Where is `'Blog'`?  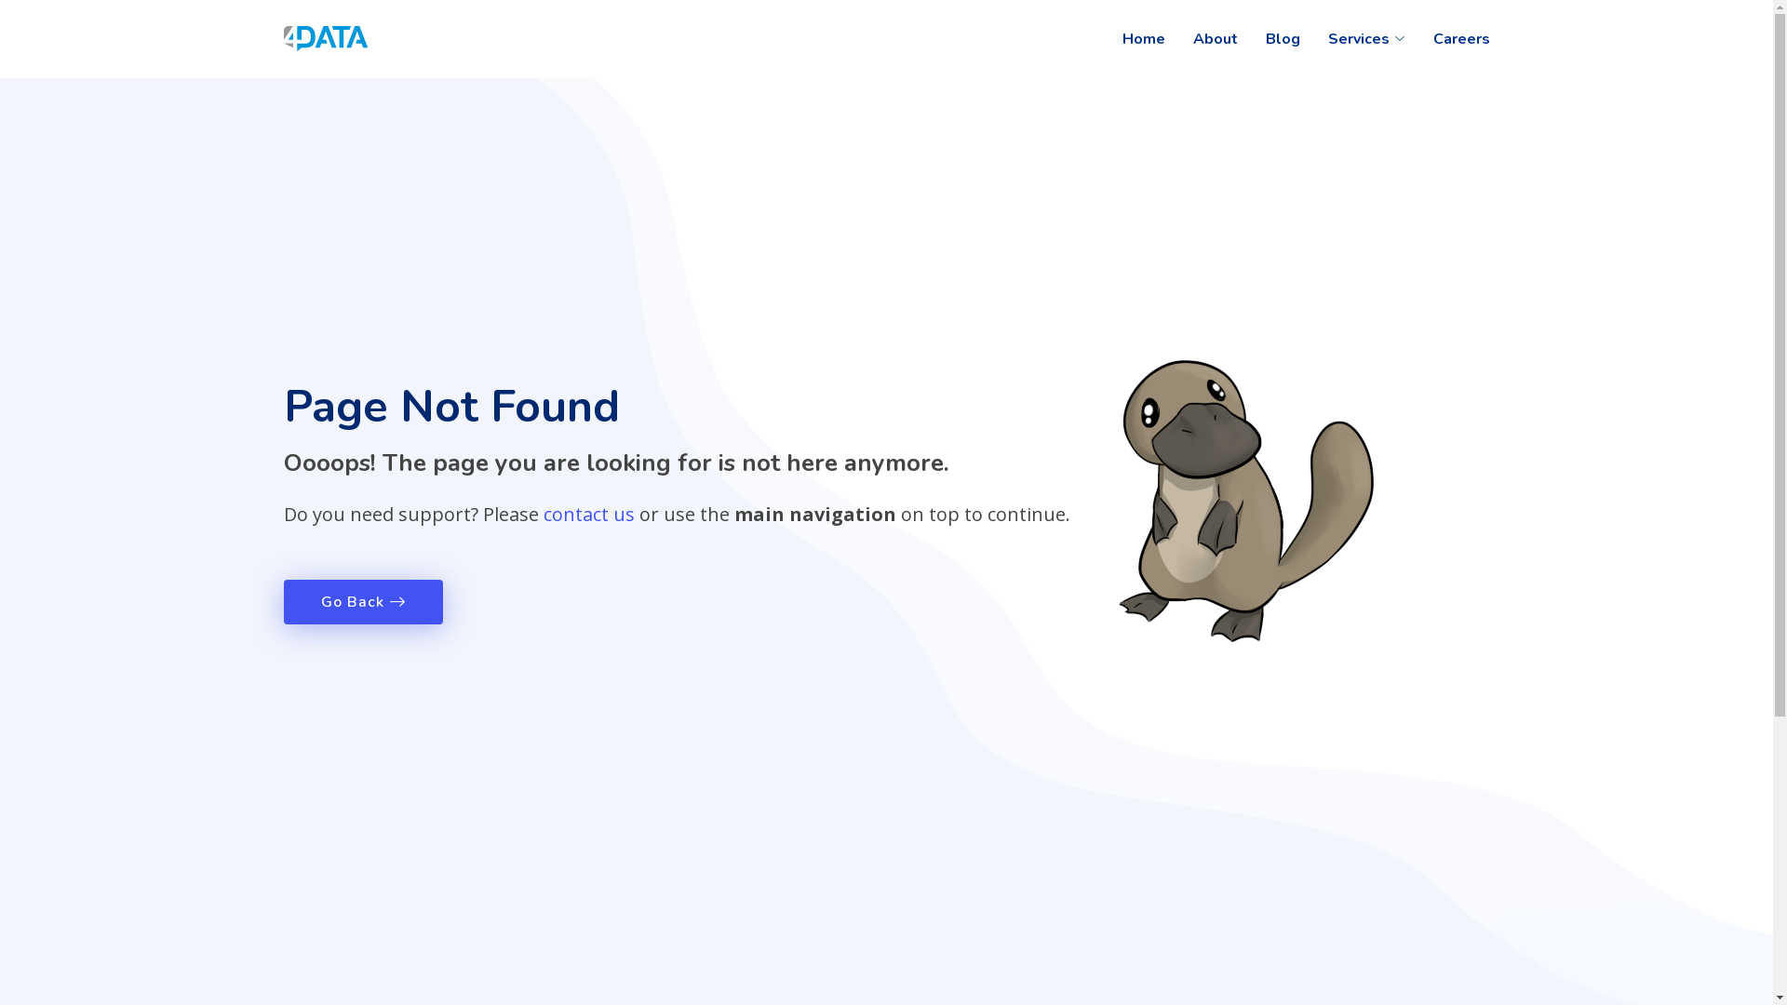 'Blog' is located at coordinates (1268, 39).